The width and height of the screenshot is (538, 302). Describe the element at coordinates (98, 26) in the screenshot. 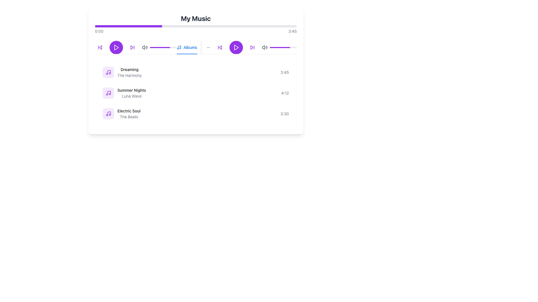

I see `the media progress` at that location.